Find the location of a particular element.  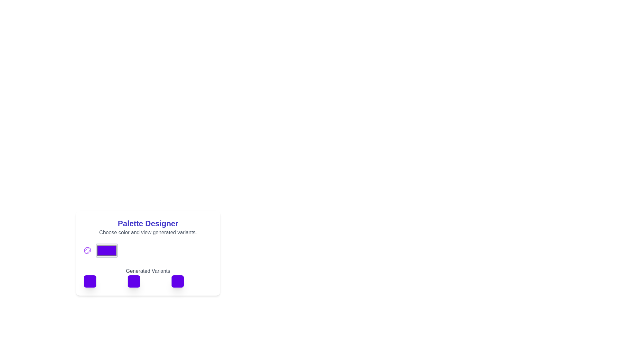

the static text label that reads 'Generated Variants', which is styled with a medium gray font and positioned above the row of color swatches in the 'Palette Designer' section is located at coordinates (148, 275).